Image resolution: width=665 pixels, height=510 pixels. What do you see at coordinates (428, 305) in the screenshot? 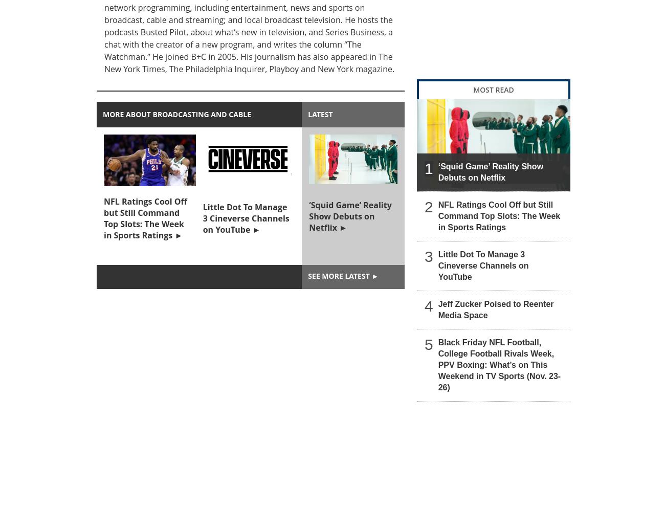
I see `'4'` at bounding box center [428, 305].